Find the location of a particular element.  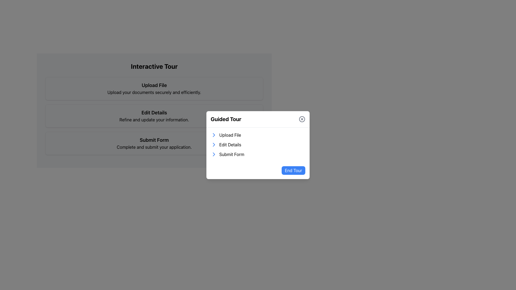

the right-pointing chevron icon that is part of the 'Guided Tour' box, specifically the chevron associated with the 'Edit Details' item is located at coordinates (214, 144).